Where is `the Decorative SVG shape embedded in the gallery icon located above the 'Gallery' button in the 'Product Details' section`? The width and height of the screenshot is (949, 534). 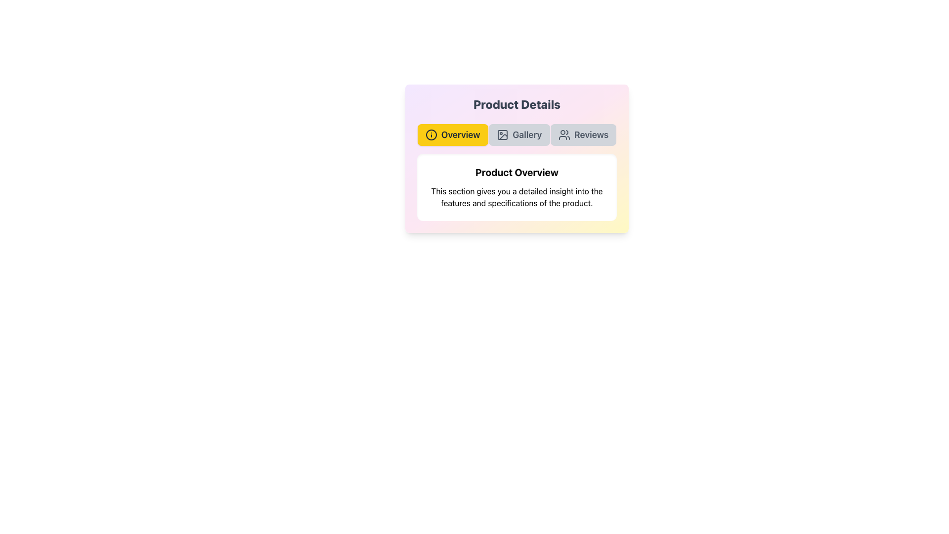
the Decorative SVG shape embedded in the gallery icon located above the 'Gallery' button in the 'Product Details' section is located at coordinates (503, 135).